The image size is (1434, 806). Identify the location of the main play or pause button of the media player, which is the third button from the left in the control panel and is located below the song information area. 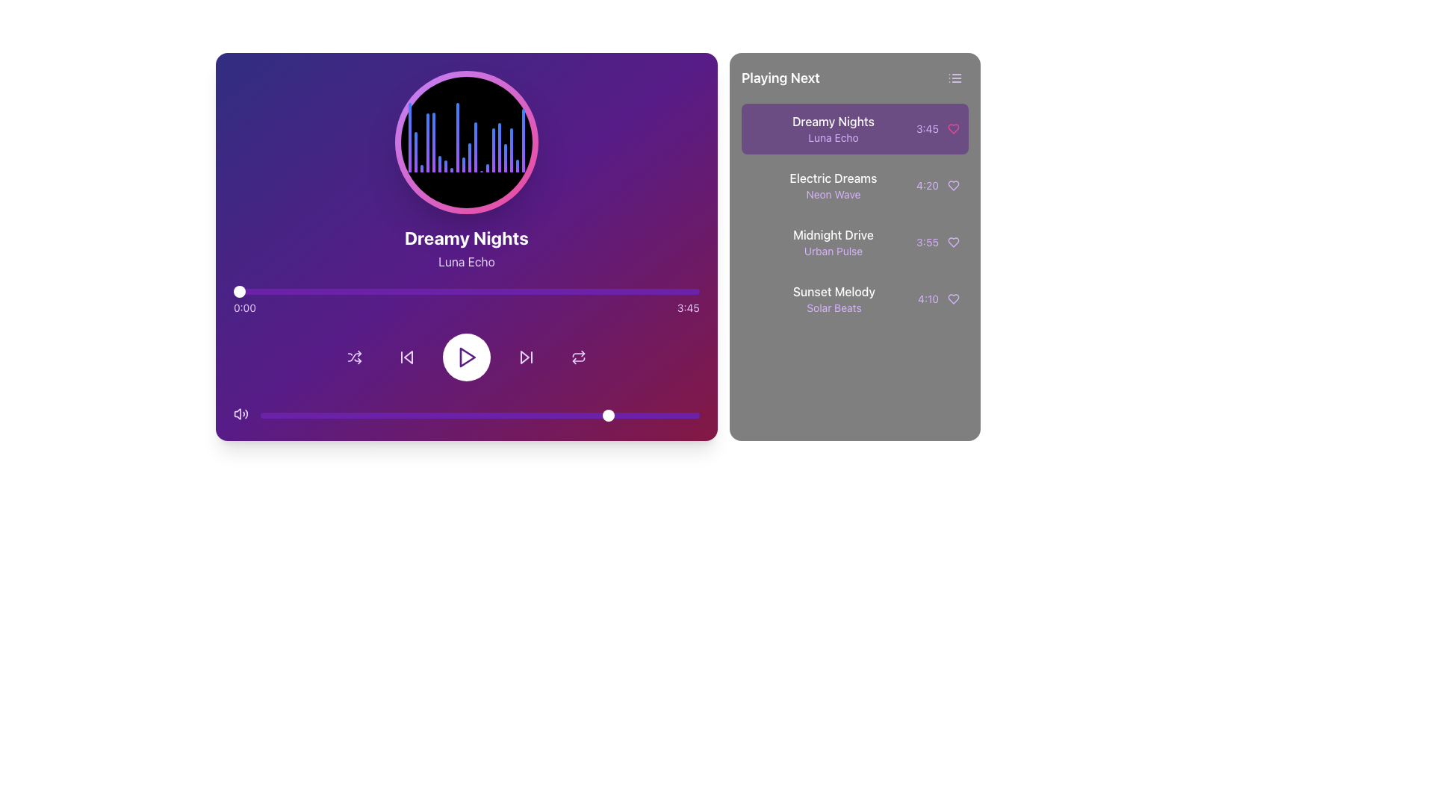
(465, 357).